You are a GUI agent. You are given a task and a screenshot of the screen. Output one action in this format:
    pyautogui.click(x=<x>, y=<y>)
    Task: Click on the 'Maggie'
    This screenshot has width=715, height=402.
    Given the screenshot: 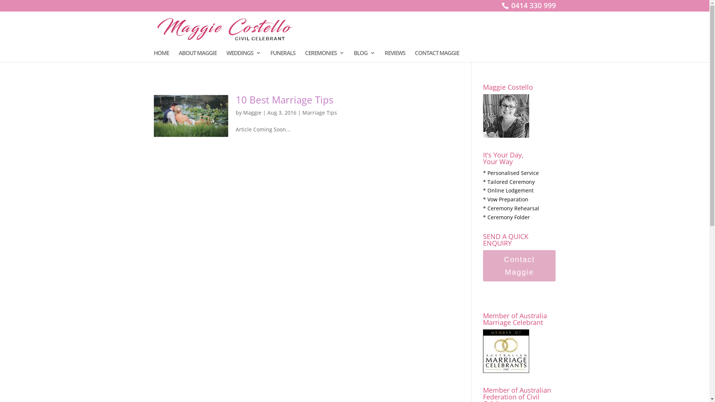 What is the action you would take?
    pyautogui.click(x=252, y=112)
    